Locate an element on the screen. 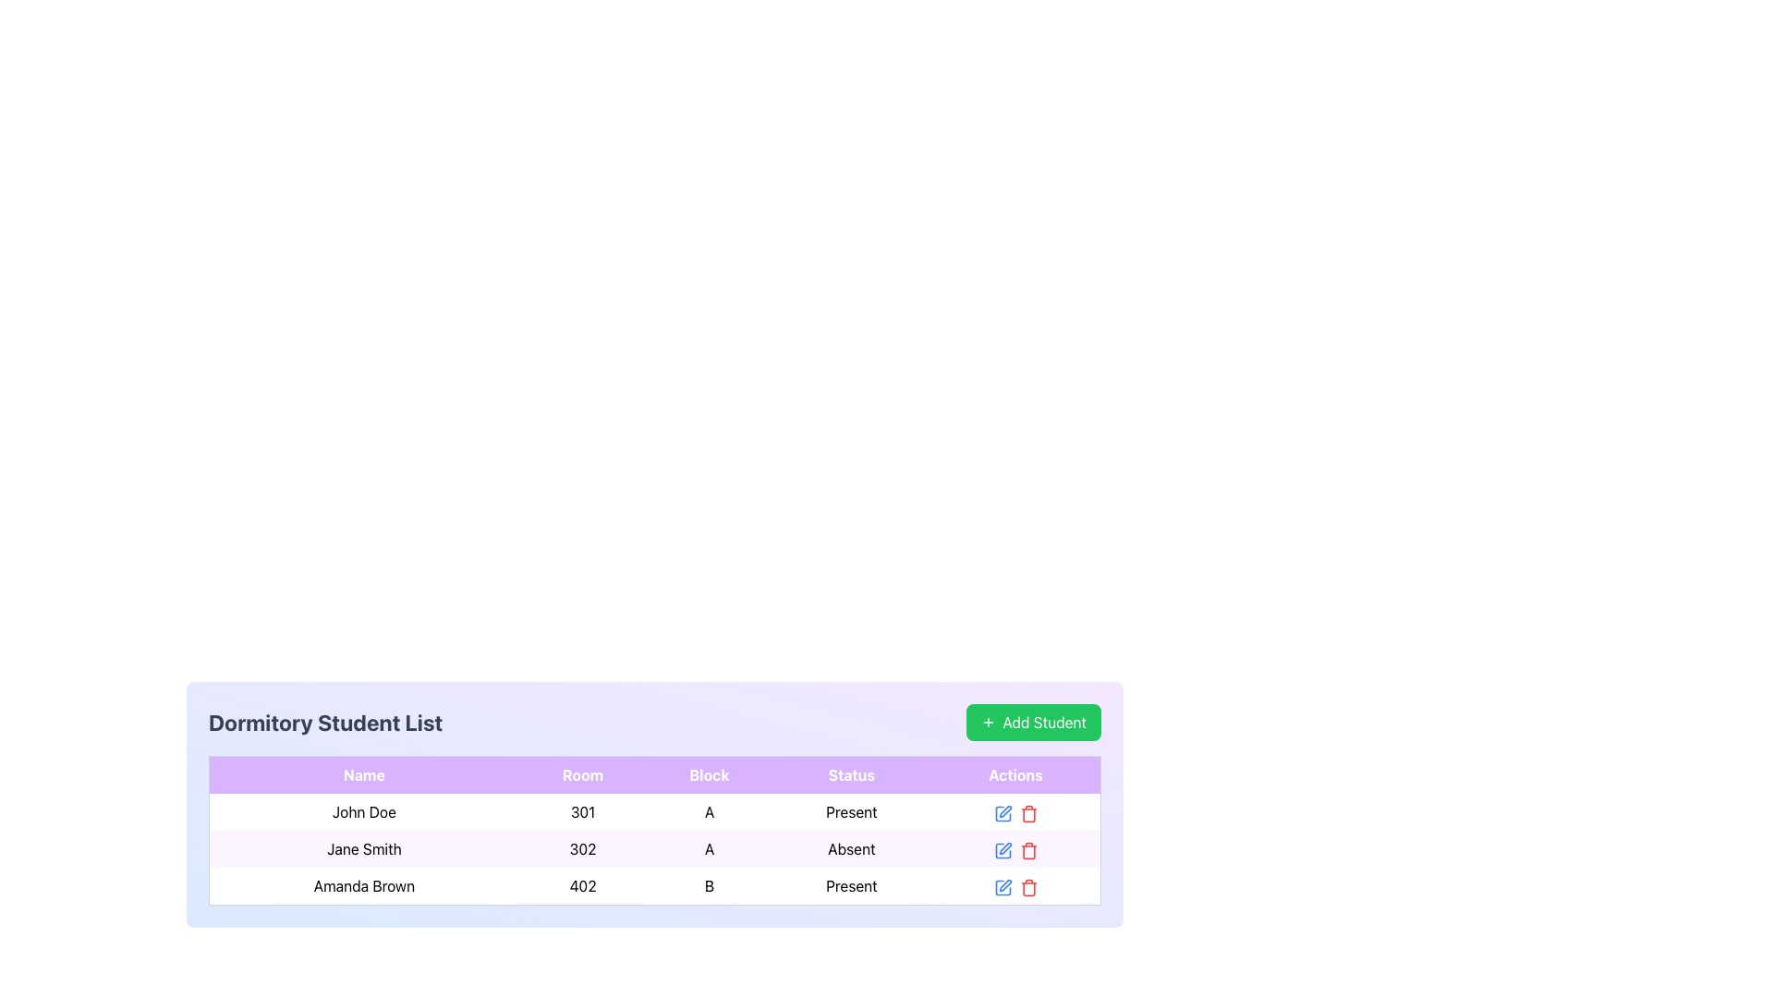 The width and height of the screenshot is (1774, 998). the text label displaying the student's name in the third row of the 'Dormitory Student List' table, which is located in the 'Name' column is located at coordinates (364, 885).